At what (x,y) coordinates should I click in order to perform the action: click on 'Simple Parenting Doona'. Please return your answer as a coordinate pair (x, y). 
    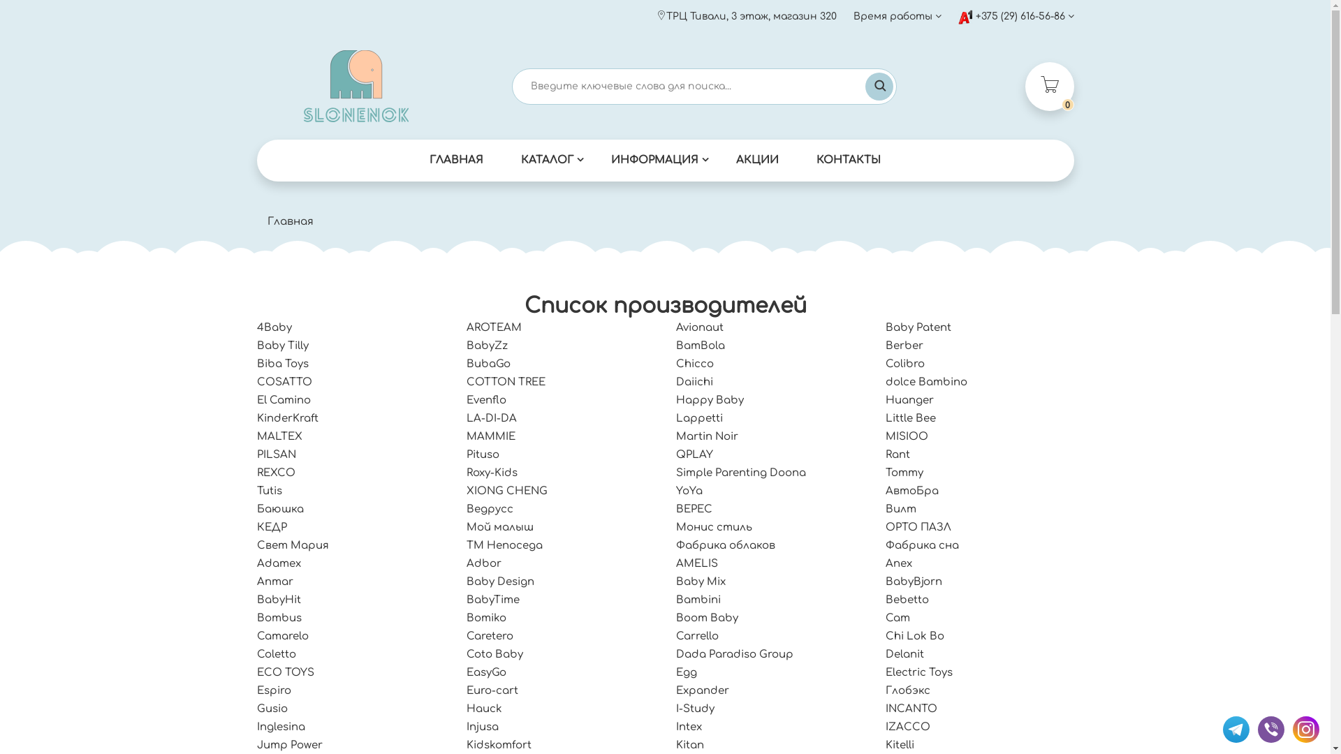
    Looking at the image, I should click on (740, 472).